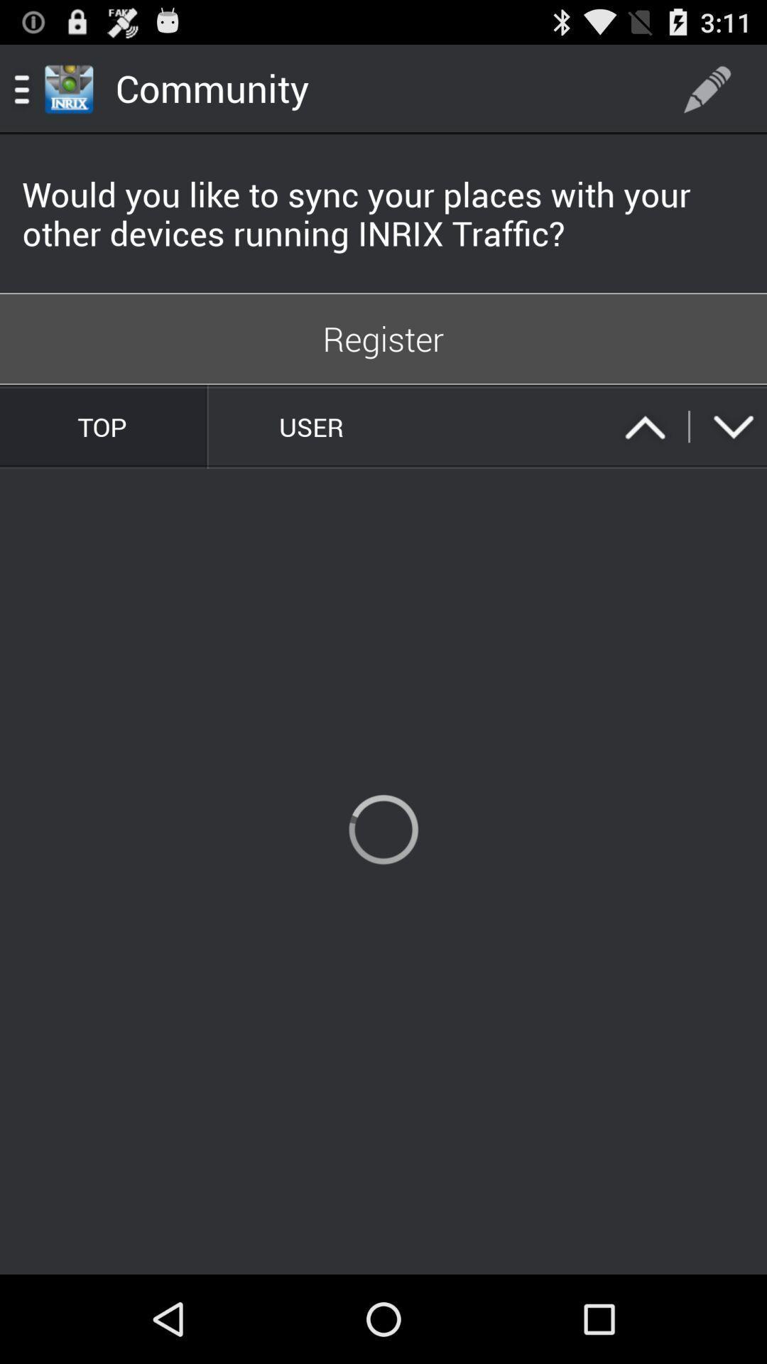 This screenshot has width=767, height=1364. I want to click on the expand_more icon, so click(733, 457).